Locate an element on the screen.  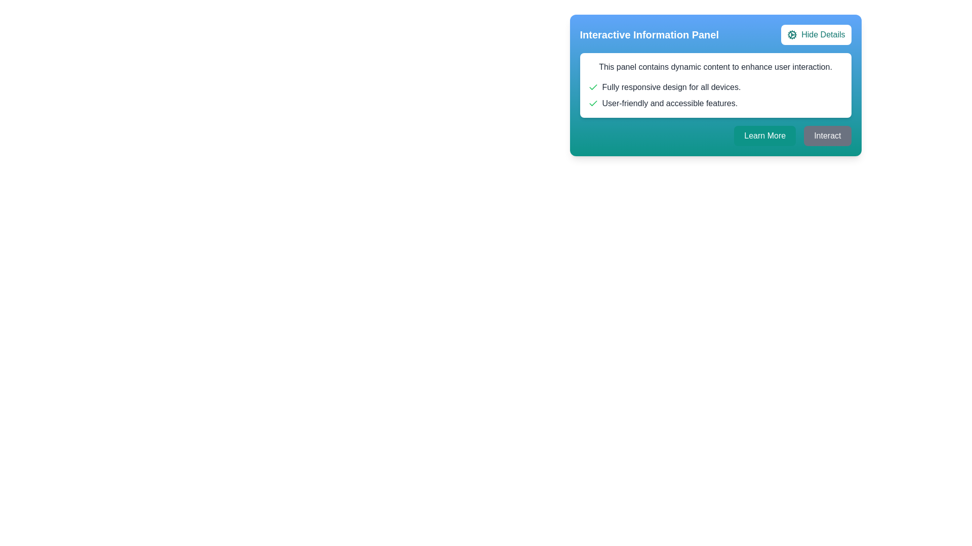
the Informational panel, which is a rectangular panel with a white background and rounded corners, located below the title 'Interactive Information Panel' is located at coordinates (715, 85).